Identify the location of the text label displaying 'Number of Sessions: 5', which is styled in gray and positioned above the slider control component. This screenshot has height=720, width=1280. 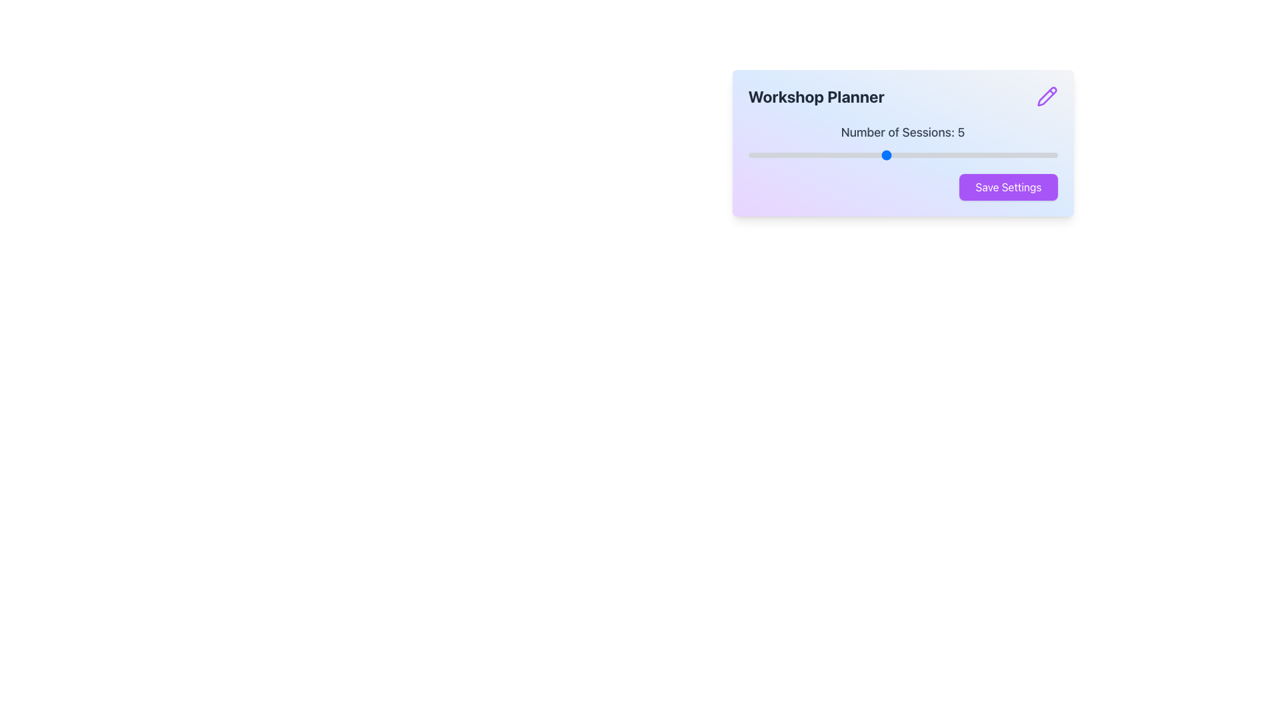
(903, 133).